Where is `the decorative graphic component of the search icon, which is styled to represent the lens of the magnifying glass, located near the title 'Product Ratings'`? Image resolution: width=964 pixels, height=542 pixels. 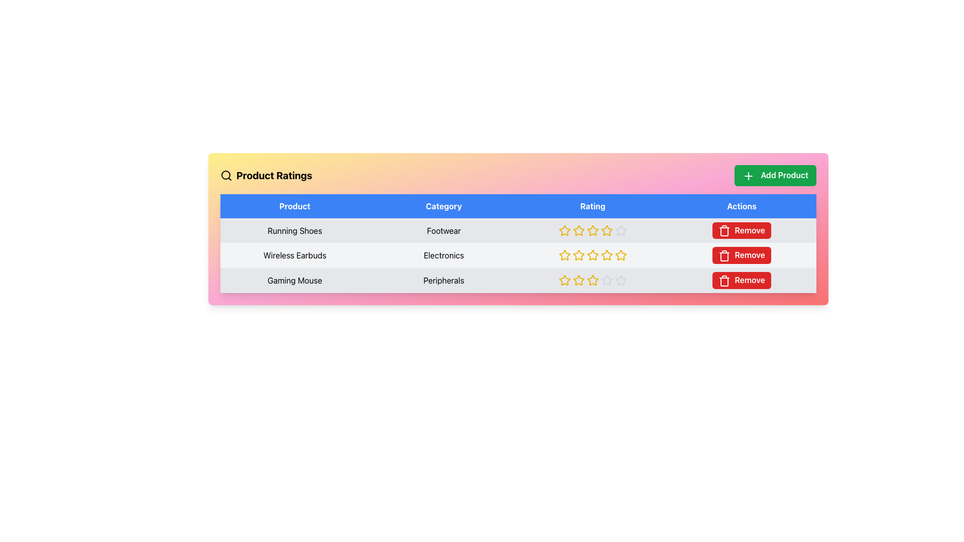 the decorative graphic component of the search icon, which is styled to represent the lens of the magnifying glass, located near the title 'Product Ratings' is located at coordinates (225, 174).